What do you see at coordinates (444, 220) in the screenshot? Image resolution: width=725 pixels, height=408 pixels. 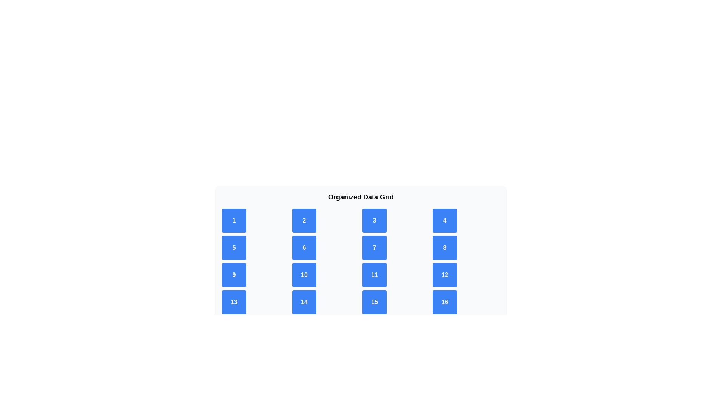 I see `the blue square button displaying the number '4', which is located in the first row and fourth column of the grid layout` at bounding box center [444, 220].